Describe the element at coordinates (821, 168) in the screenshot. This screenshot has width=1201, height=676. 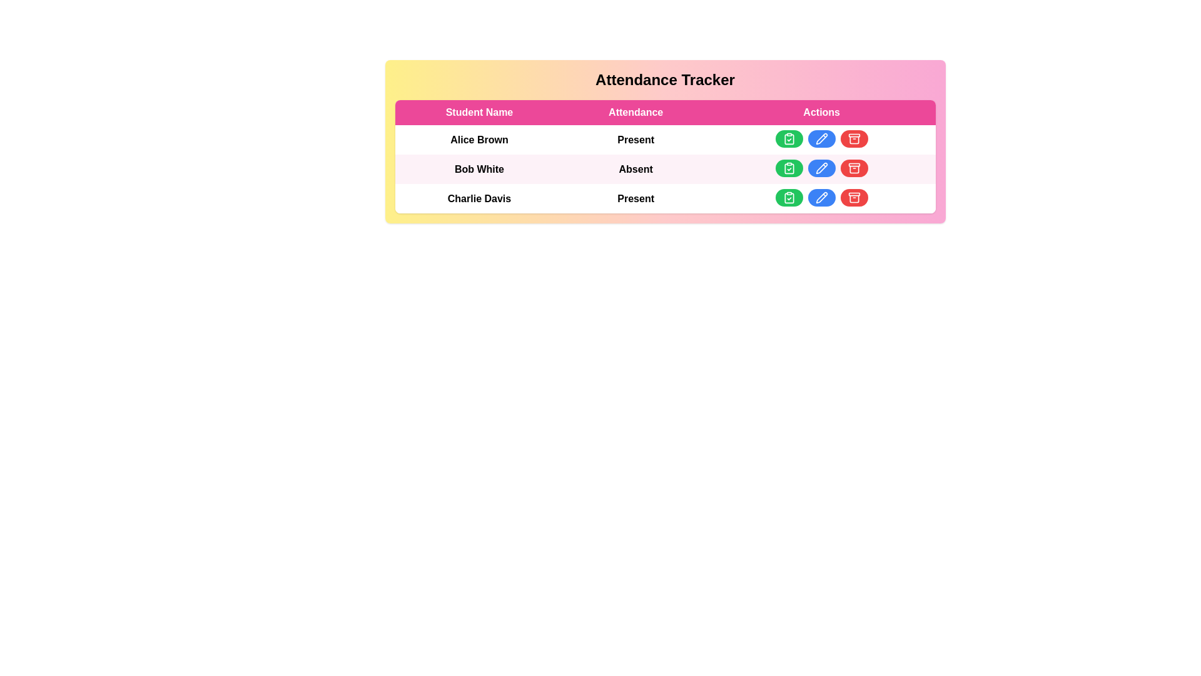
I see `'edit details' button for the student Bob White` at that location.